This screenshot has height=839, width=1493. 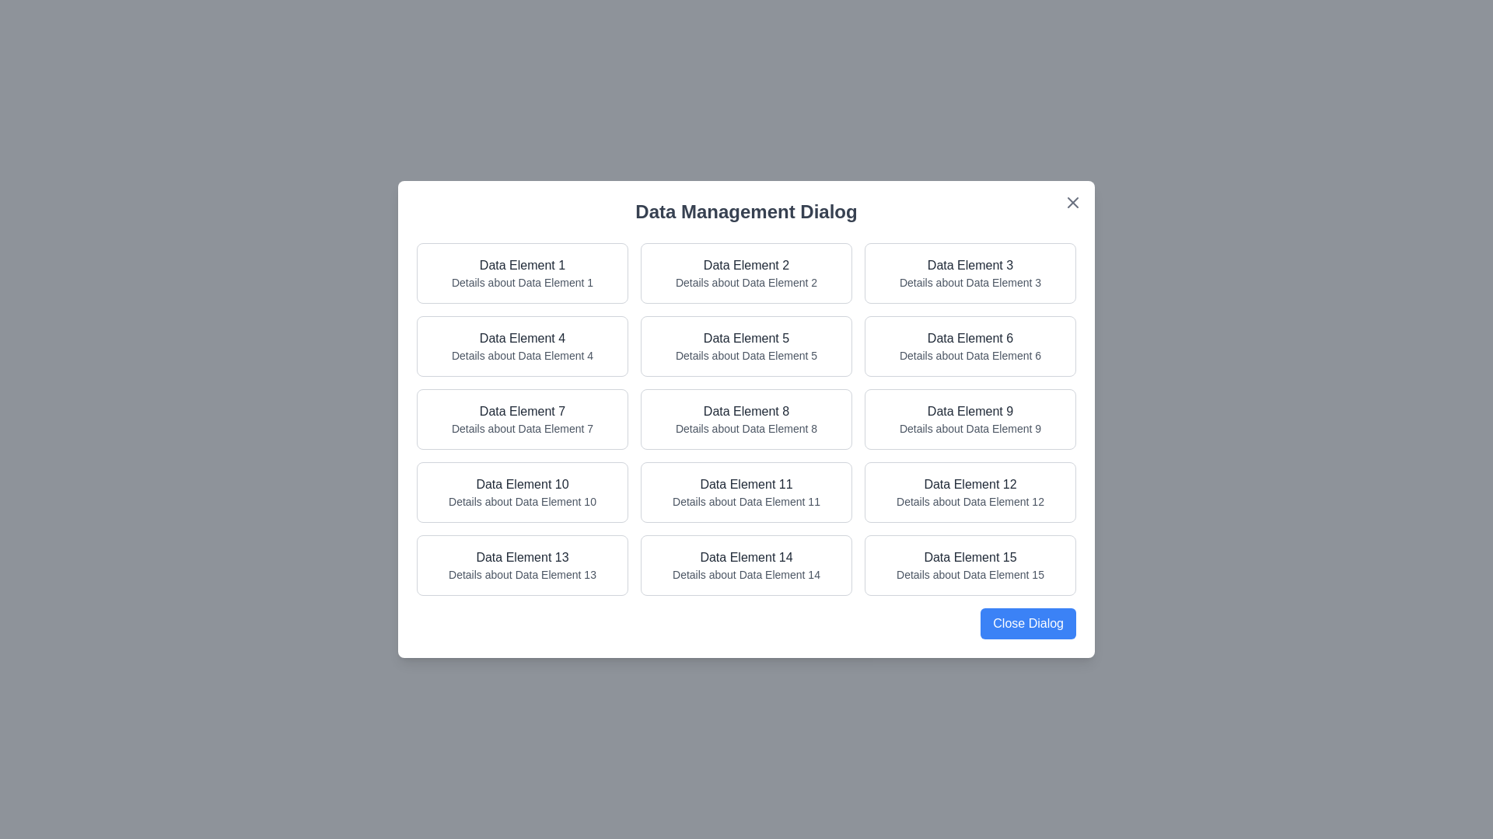 What do you see at coordinates (1028, 622) in the screenshot?
I see `the 'Close Dialog' button to close the dialog` at bounding box center [1028, 622].